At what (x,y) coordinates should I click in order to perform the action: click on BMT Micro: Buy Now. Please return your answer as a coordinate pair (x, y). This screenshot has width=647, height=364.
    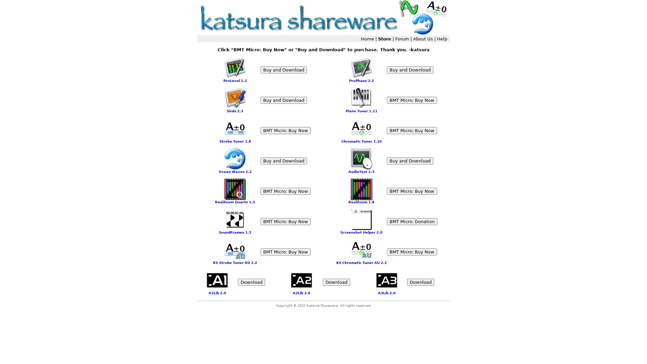
    Looking at the image, I should click on (285, 191).